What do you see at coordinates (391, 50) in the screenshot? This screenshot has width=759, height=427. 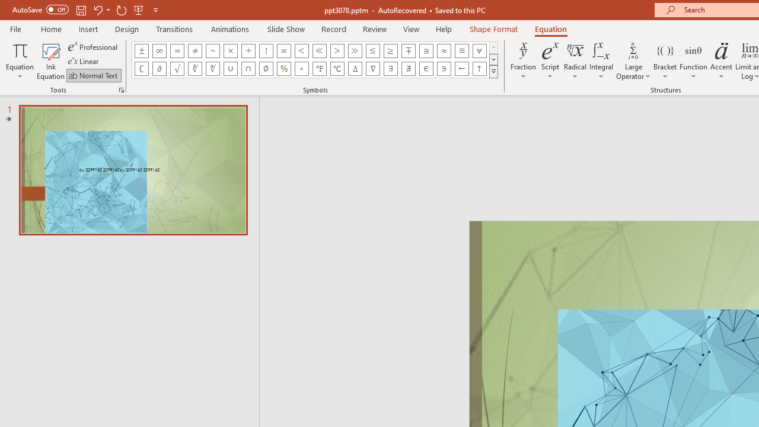 I see `'Equation Symbol Greater Than or Equal To'` at bounding box center [391, 50].